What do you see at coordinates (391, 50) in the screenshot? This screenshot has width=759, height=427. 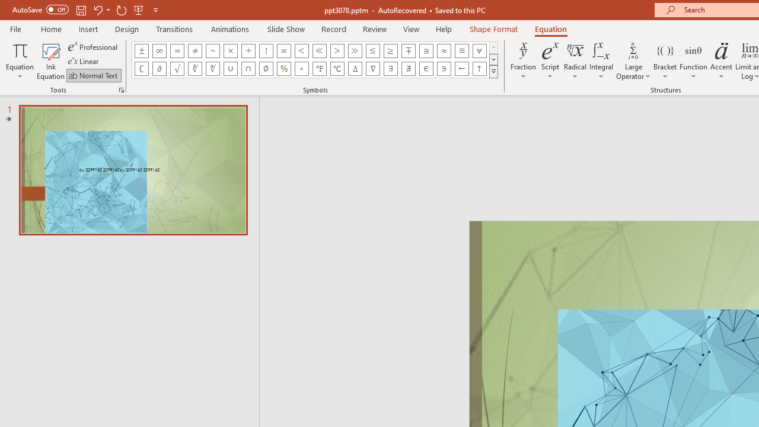 I see `'Equation Symbol Greater Than or Equal To'` at bounding box center [391, 50].